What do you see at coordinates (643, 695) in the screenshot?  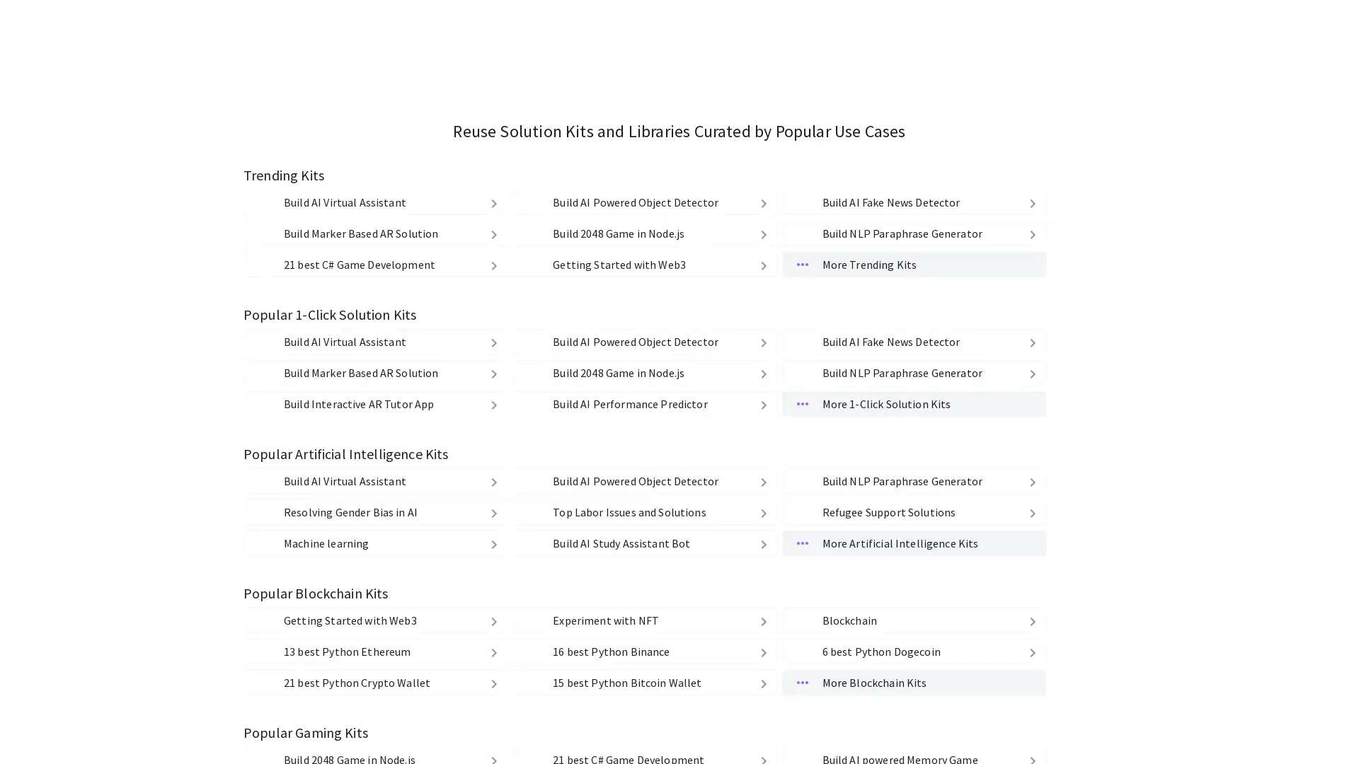 I see `object-detection-kit Build AI Powered Object Detector` at bounding box center [643, 695].